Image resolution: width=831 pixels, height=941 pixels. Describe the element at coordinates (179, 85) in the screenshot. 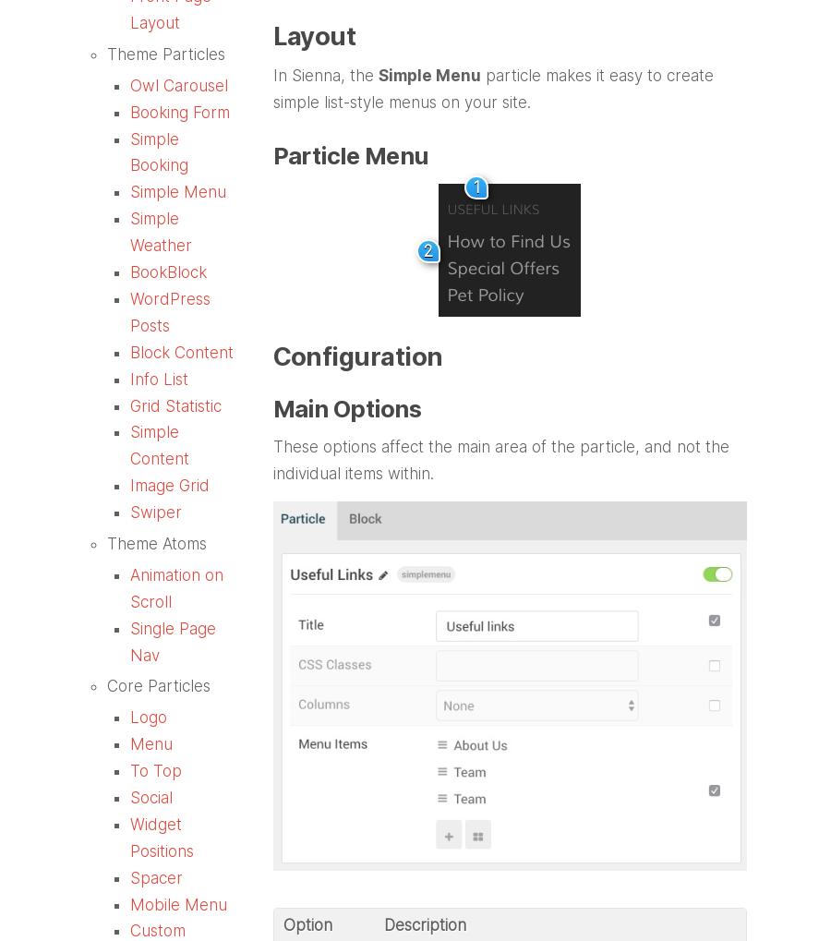

I see `'Owl Carousel'` at that location.